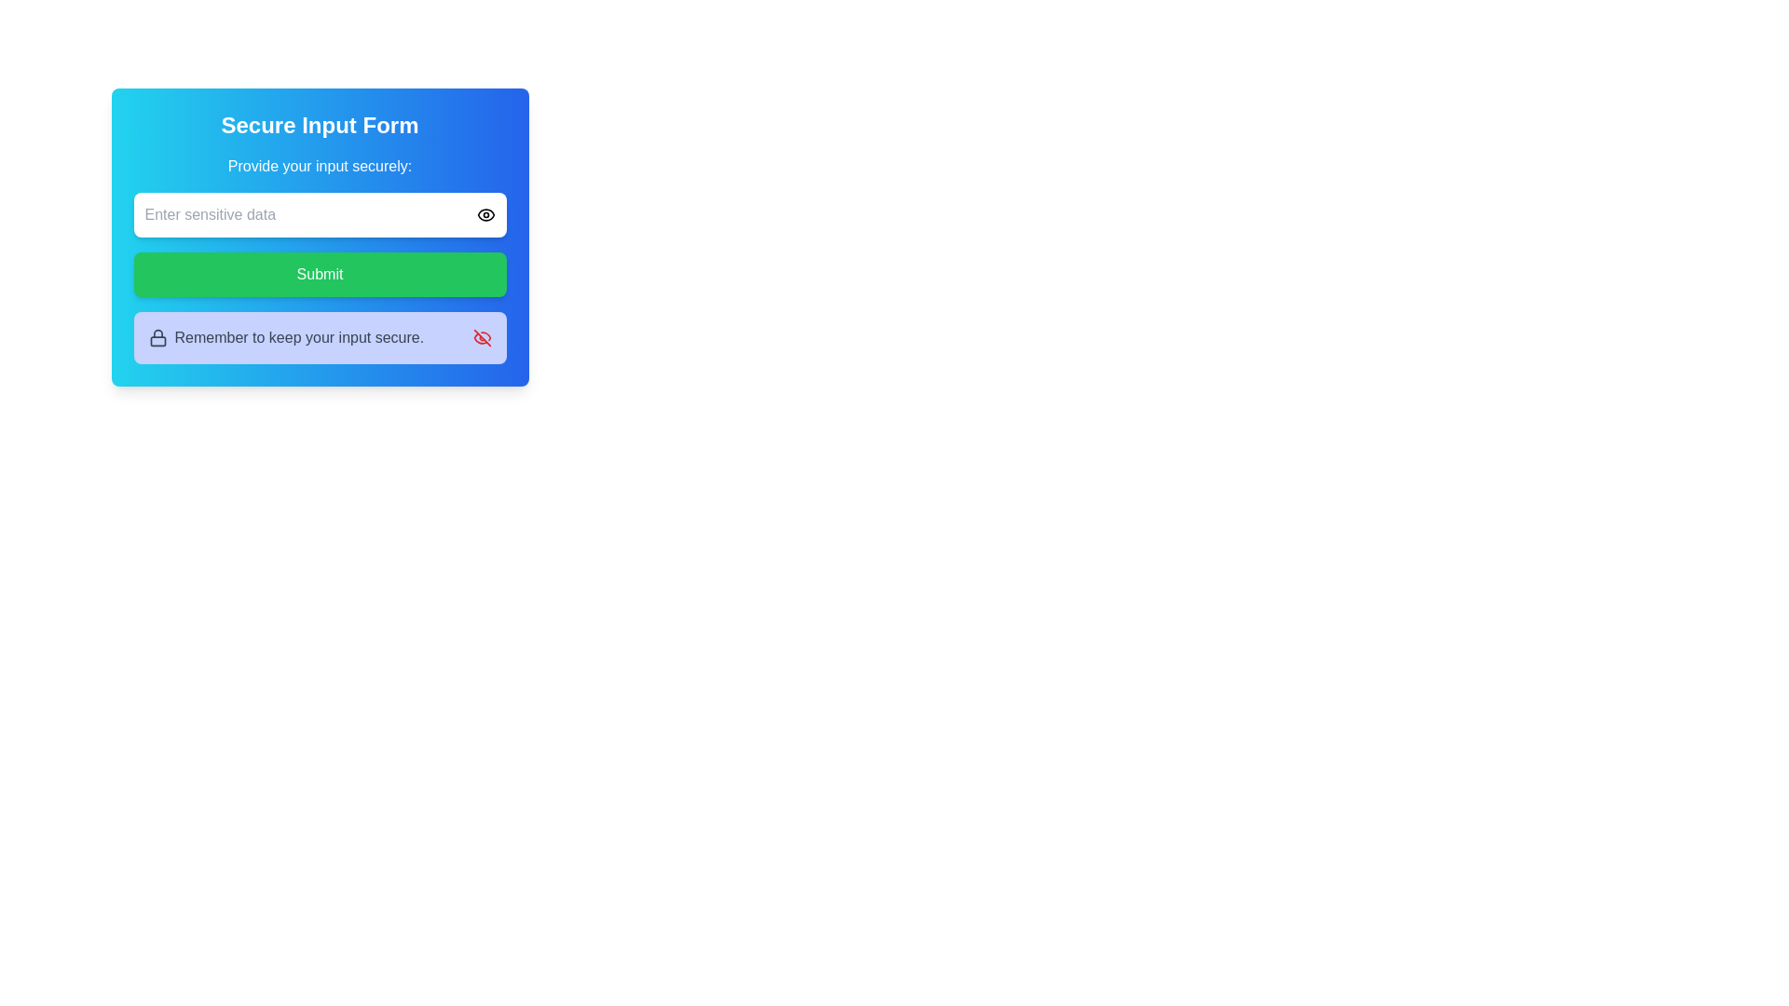 The image size is (1789, 1006). I want to click on the padlock icon located on the left side of the blue background section, adjacent to the text 'Remember to keep your input secure.', so click(157, 337).